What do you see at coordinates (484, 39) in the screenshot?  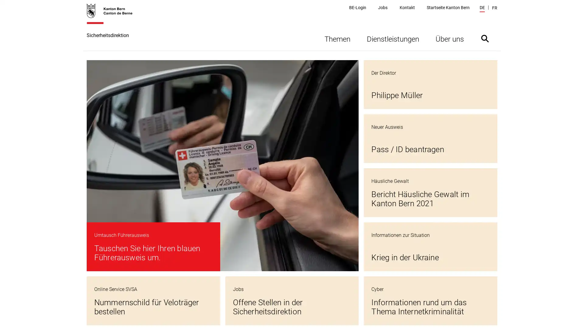 I see `Suche ein- oder ausblenden` at bounding box center [484, 39].